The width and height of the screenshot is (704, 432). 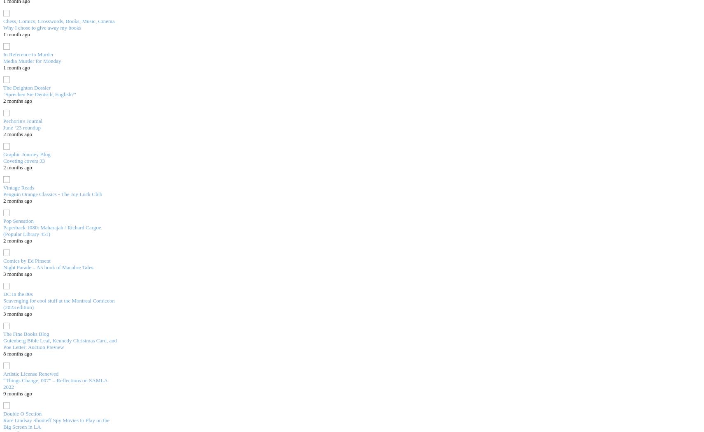 What do you see at coordinates (3, 267) in the screenshot?
I see `'Night Parade – A5 book of Macabre Tales'` at bounding box center [3, 267].